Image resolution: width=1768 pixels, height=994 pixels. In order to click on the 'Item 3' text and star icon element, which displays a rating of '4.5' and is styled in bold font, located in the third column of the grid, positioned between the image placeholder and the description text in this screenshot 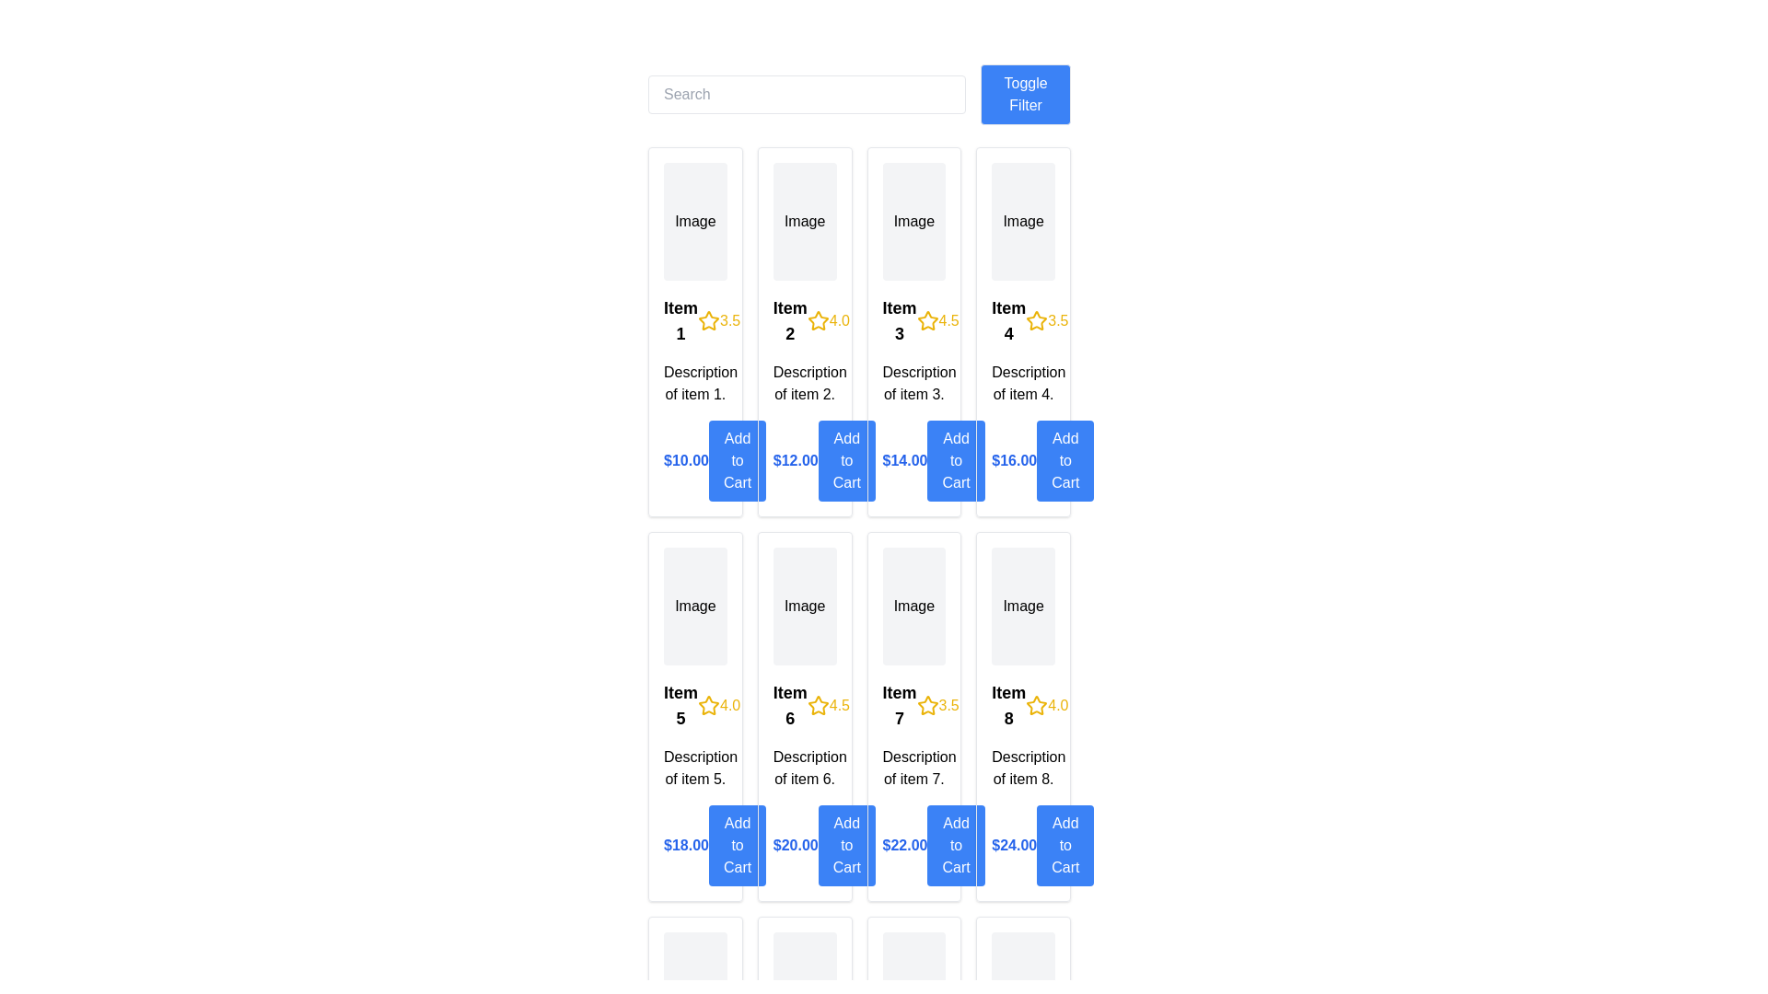, I will do `click(913, 319)`.